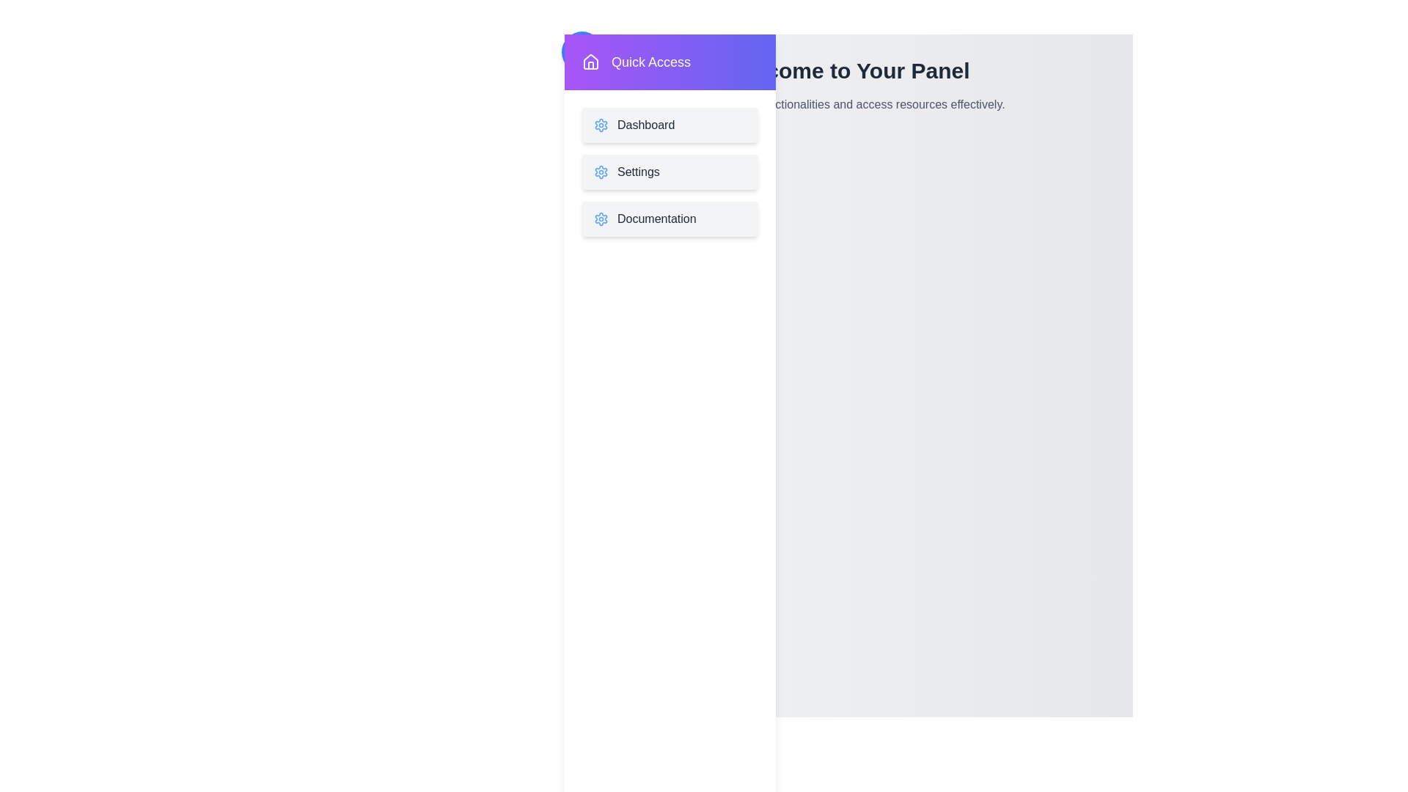 Image resolution: width=1408 pixels, height=792 pixels. I want to click on the 'Settings' menu item in the drawer, so click(669, 172).